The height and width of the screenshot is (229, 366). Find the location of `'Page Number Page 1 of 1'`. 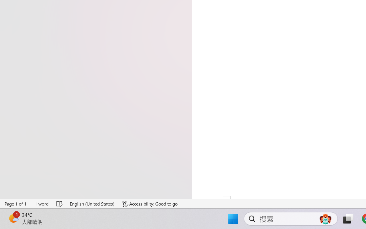

'Page Number Page 1 of 1' is located at coordinates (16, 204).